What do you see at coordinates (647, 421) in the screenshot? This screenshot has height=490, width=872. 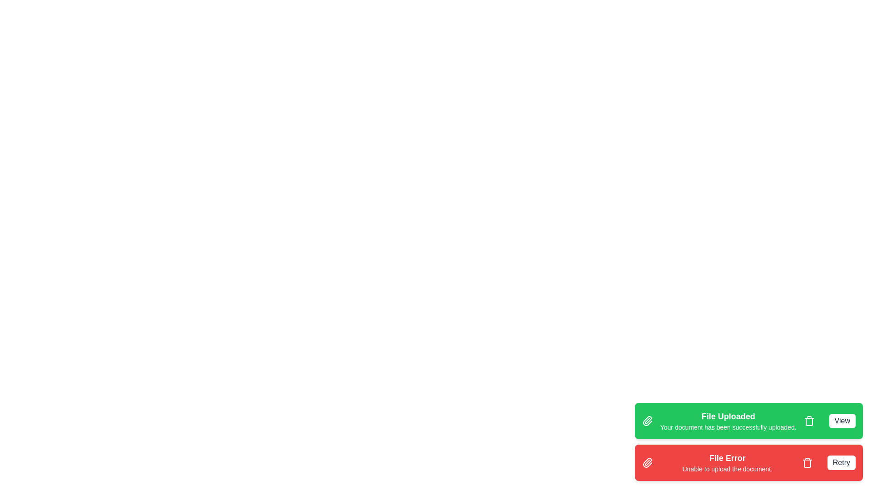 I see `the paperclip icon in the notification` at bounding box center [647, 421].